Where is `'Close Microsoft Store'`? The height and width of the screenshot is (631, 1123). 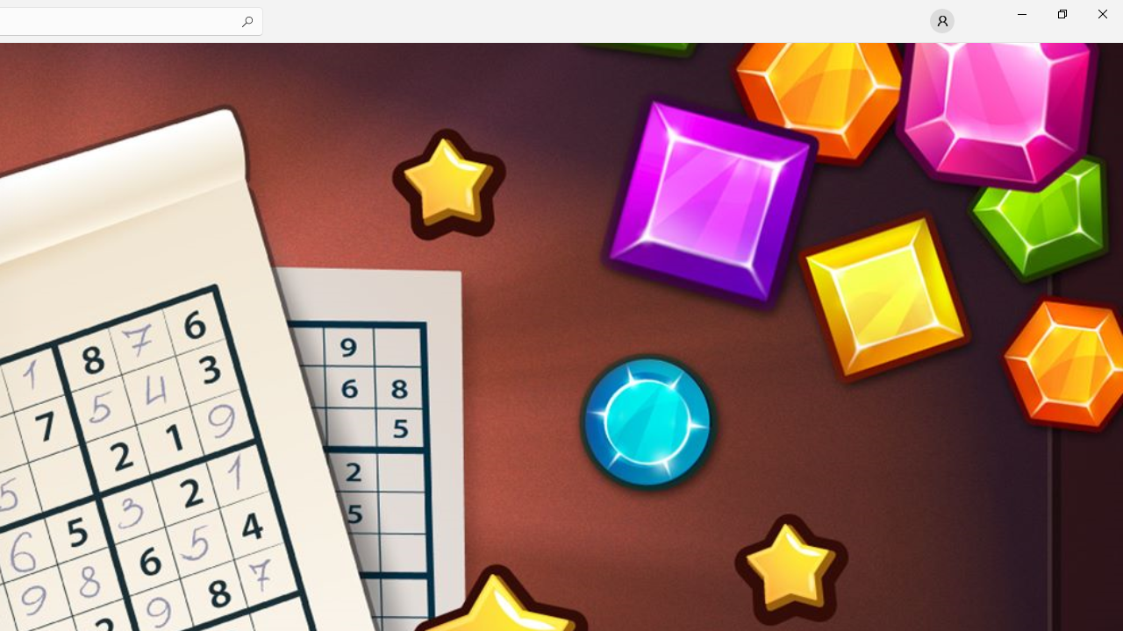 'Close Microsoft Store' is located at coordinates (1101, 13).